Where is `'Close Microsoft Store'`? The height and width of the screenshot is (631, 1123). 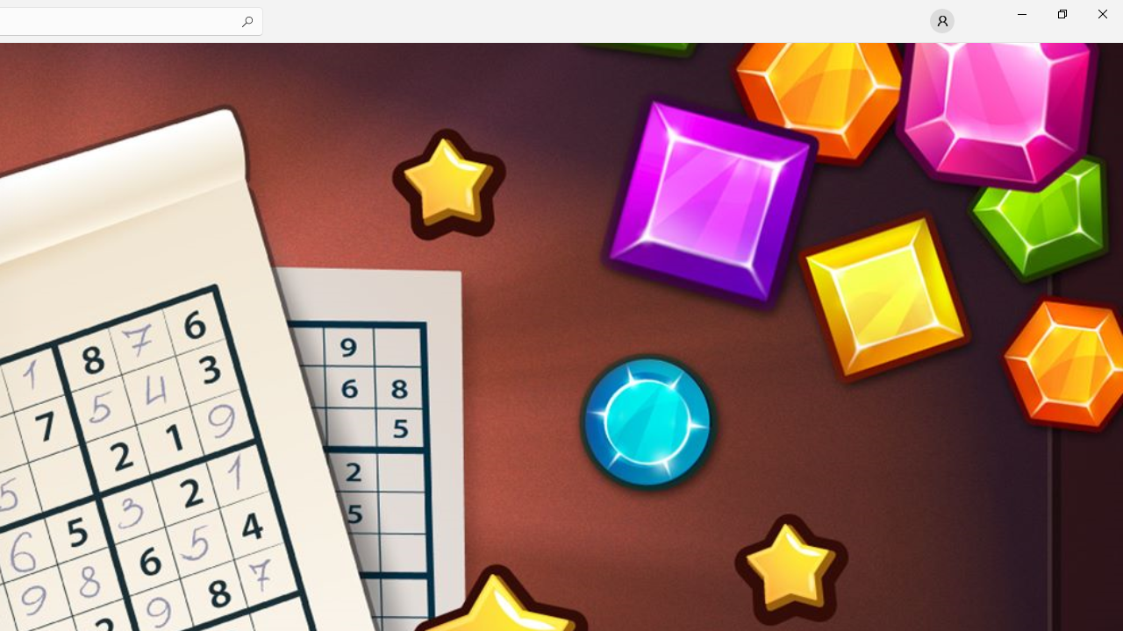 'Close Microsoft Store' is located at coordinates (1101, 13).